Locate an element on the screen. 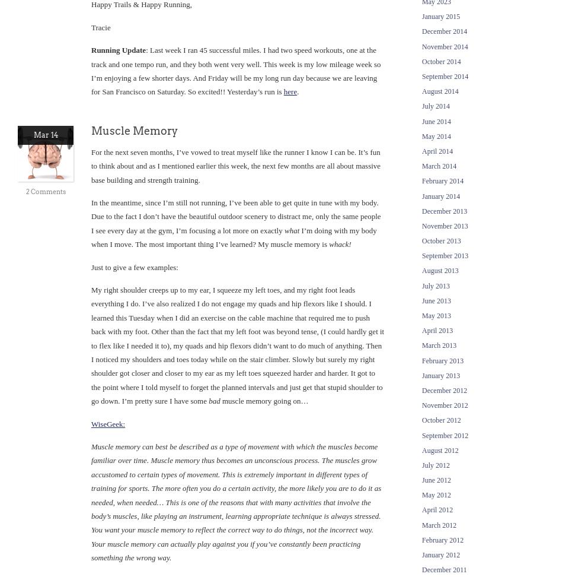  'January 2013' is located at coordinates (422, 375).